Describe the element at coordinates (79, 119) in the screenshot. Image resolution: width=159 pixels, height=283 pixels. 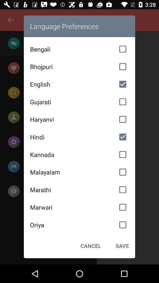
I see `icon above hindi item` at that location.